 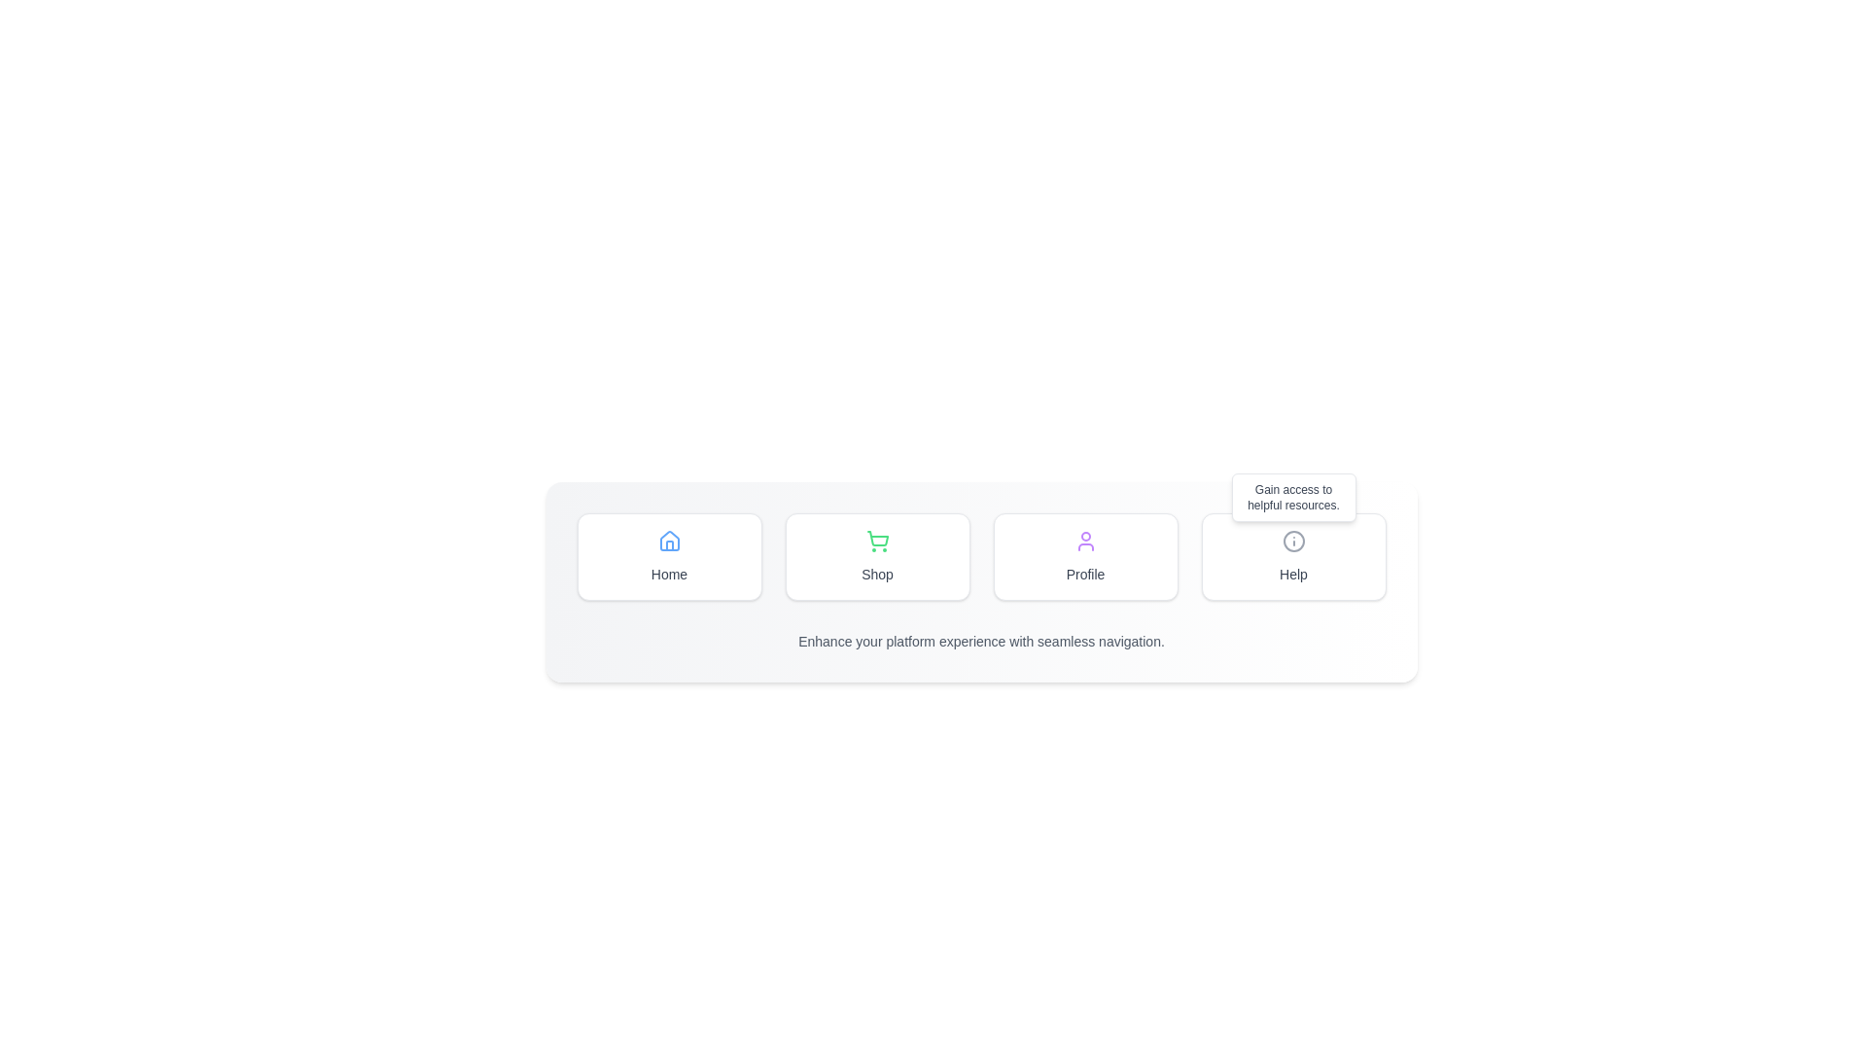 What do you see at coordinates (1293, 557) in the screenshot?
I see `the fourth card in the grid, which has a white background, rounded corners, and displays an information icon above the 'Help' text` at bounding box center [1293, 557].